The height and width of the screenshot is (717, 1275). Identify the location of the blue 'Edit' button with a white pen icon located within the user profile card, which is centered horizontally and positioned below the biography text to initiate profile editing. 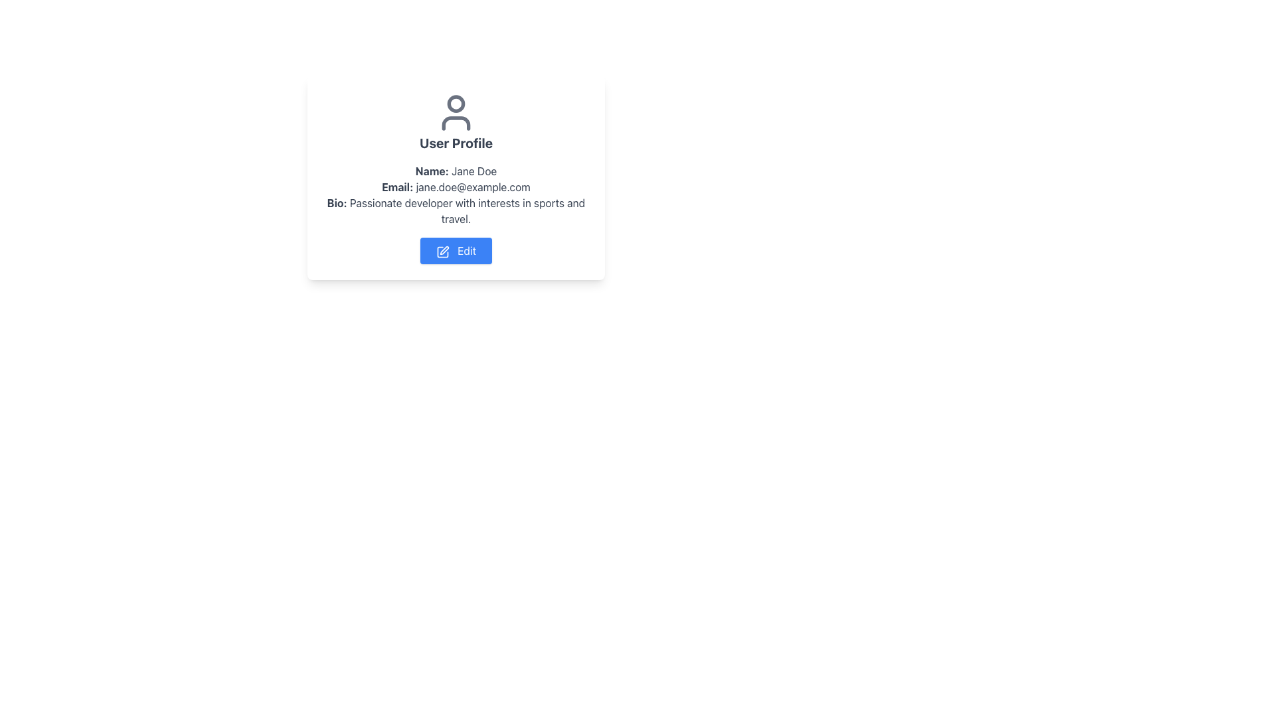
(456, 251).